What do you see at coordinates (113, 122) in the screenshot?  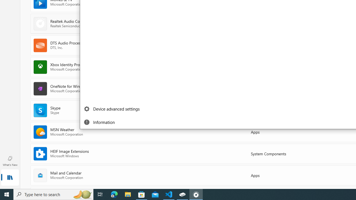 I see `'Information'` at bounding box center [113, 122].